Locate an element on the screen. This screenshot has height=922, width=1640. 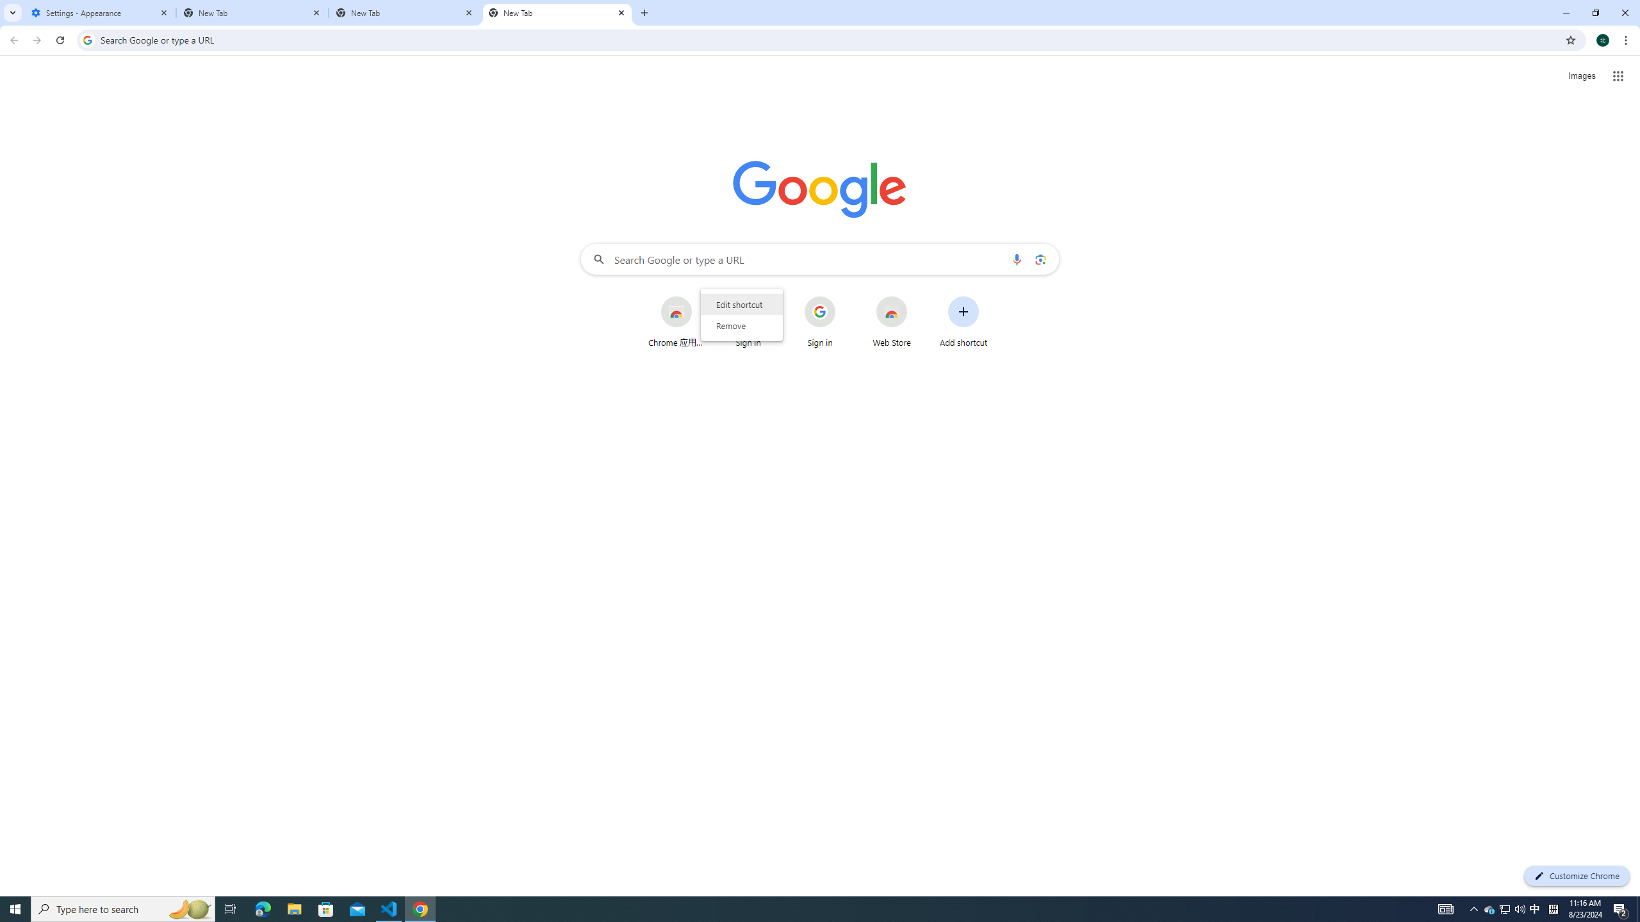
'Remove' is located at coordinates (741, 326).